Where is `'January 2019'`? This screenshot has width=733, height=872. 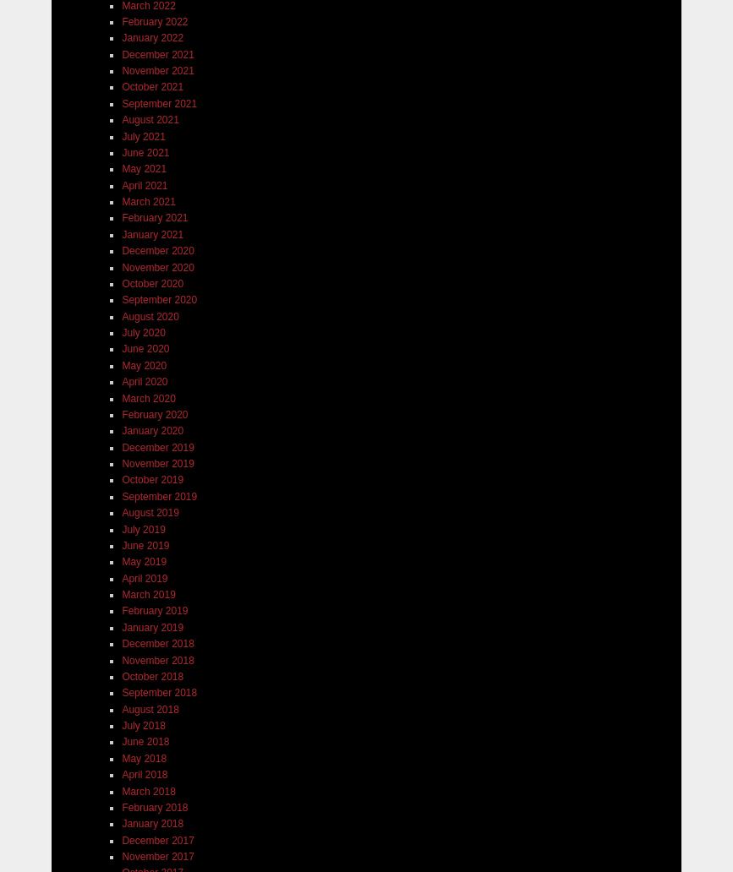 'January 2019' is located at coordinates (152, 626).